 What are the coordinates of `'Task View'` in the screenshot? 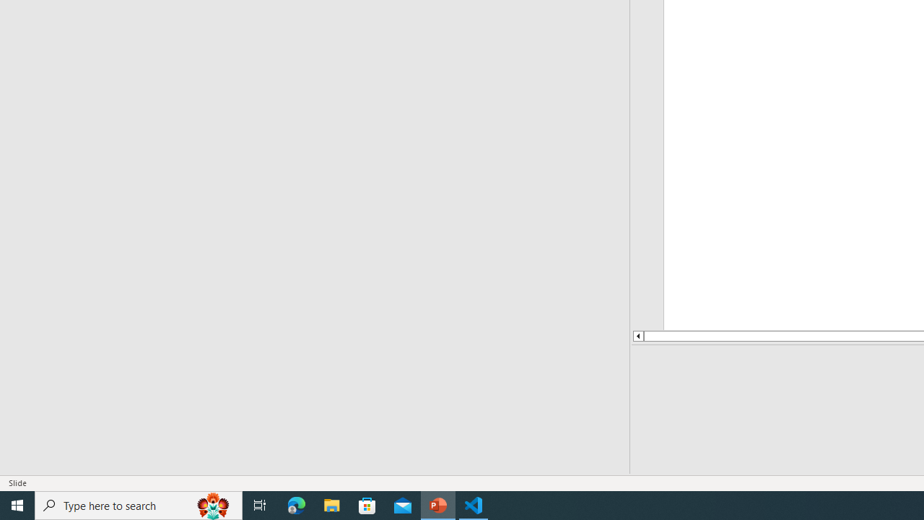 It's located at (259, 504).